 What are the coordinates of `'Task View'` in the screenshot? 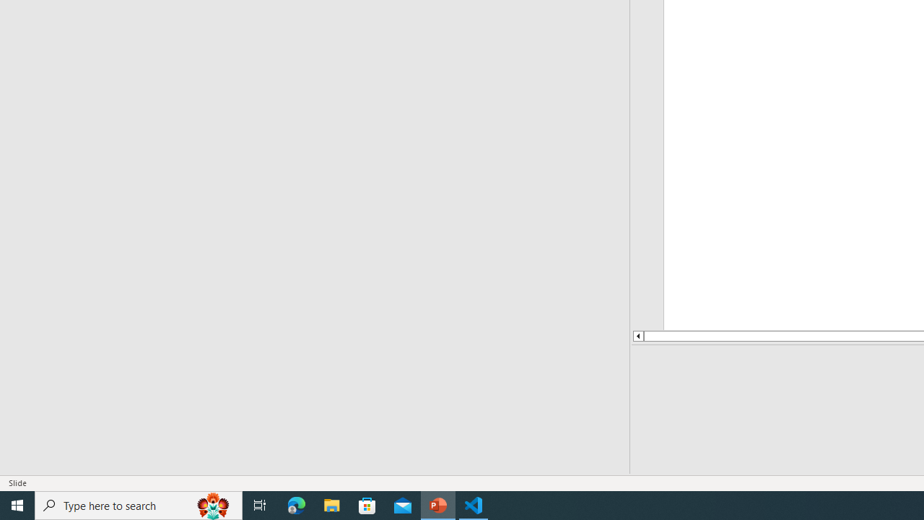 It's located at (259, 504).